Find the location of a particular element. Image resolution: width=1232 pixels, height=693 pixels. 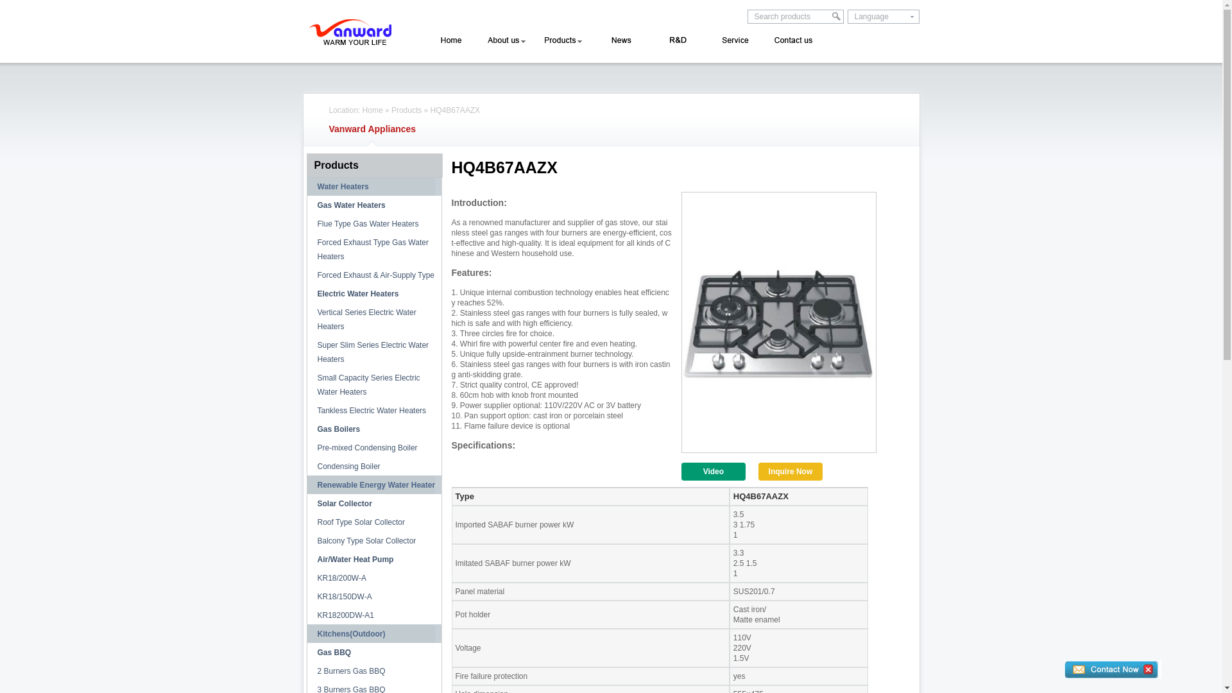

'Flue Type Gas Water Heaters' is located at coordinates (373, 223).